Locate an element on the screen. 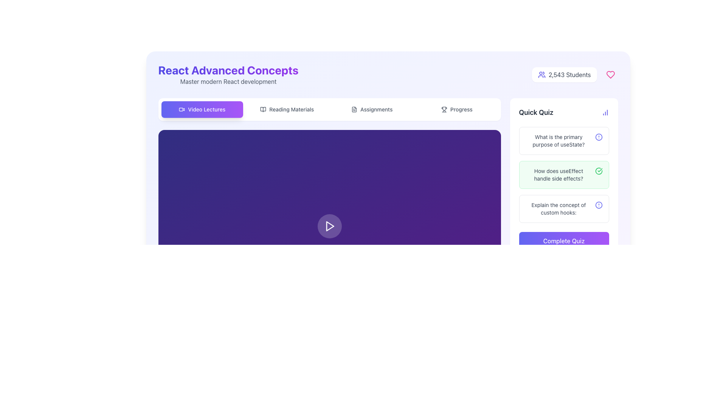  the prompt text introducing the topic 'useState' in the Quick Quiz section is located at coordinates (564, 141).